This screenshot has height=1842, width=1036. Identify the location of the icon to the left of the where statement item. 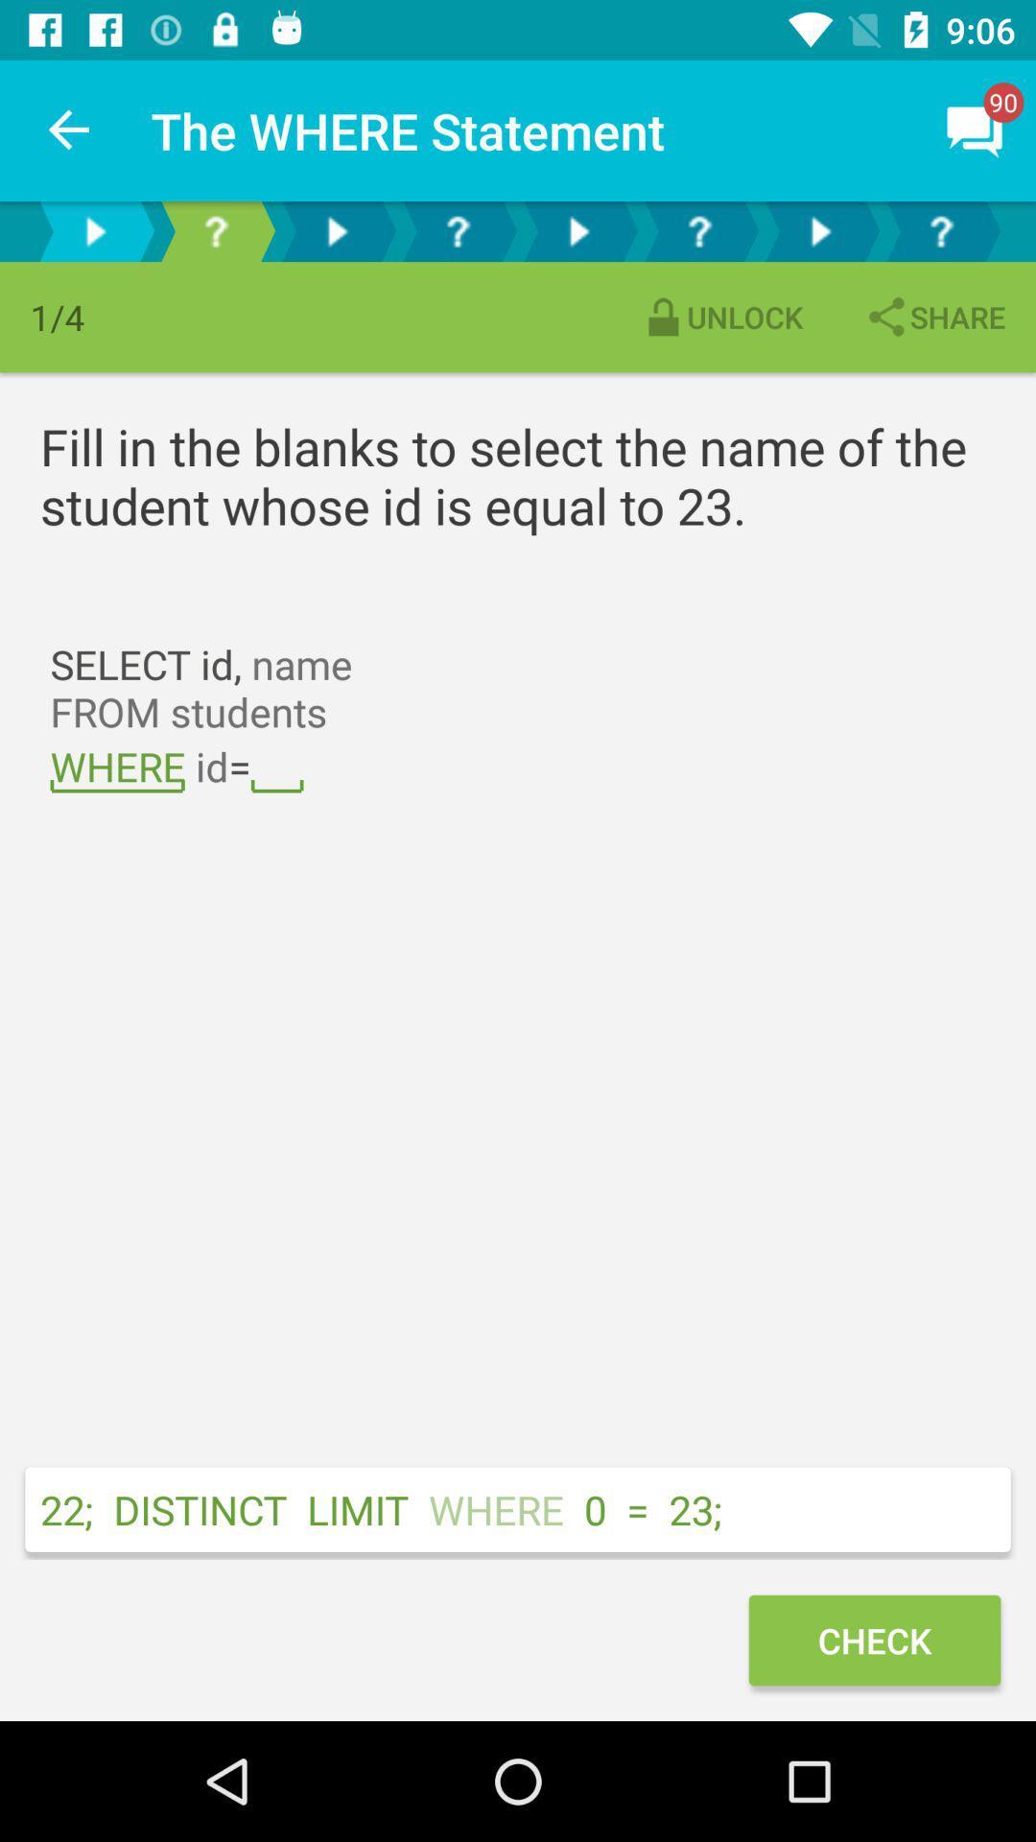
(69, 130).